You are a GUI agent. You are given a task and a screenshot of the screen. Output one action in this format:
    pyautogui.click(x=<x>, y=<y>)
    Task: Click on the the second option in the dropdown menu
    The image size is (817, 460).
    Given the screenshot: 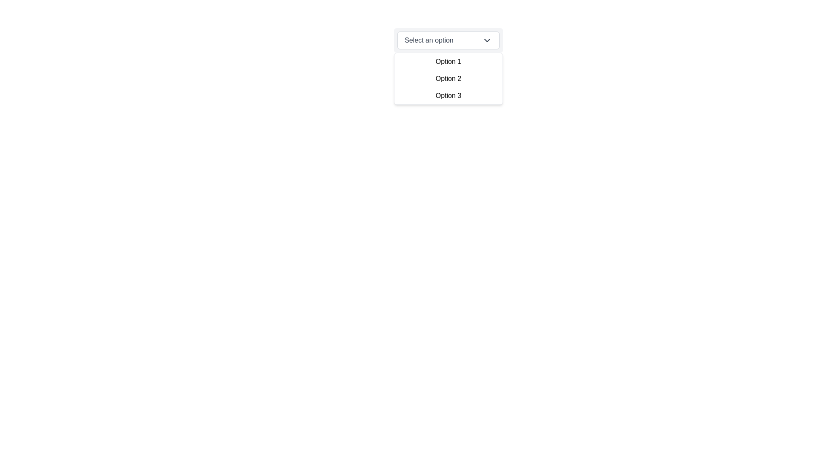 What is the action you would take?
    pyautogui.click(x=448, y=79)
    